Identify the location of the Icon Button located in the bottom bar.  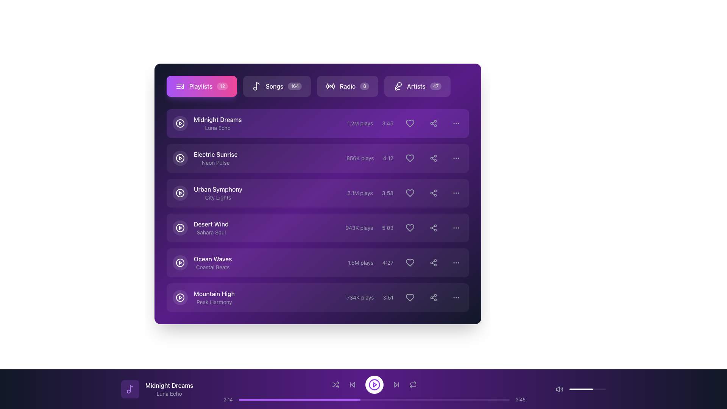
(130, 389).